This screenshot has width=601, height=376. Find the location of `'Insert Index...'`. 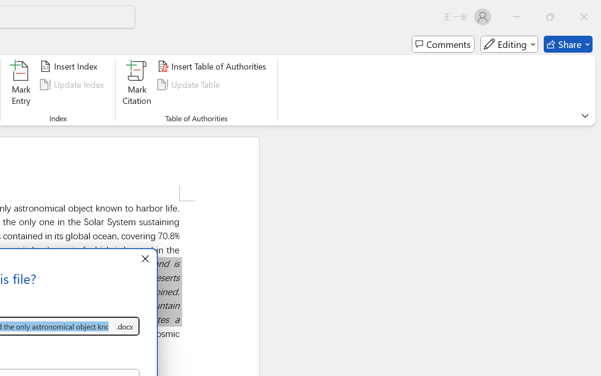

'Insert Index...' is located at coordinates (69, 66).